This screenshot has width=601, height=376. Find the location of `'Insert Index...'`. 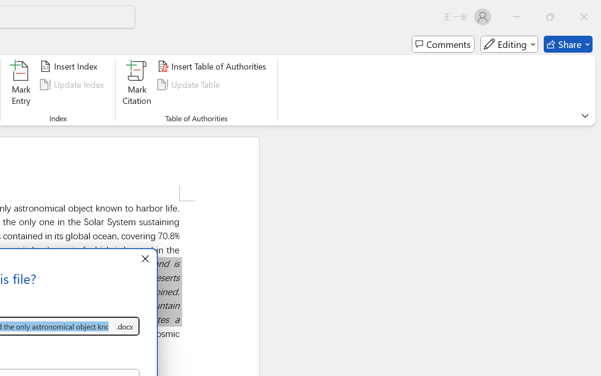

'Insert Index...' is located at coordinates (69, 66).